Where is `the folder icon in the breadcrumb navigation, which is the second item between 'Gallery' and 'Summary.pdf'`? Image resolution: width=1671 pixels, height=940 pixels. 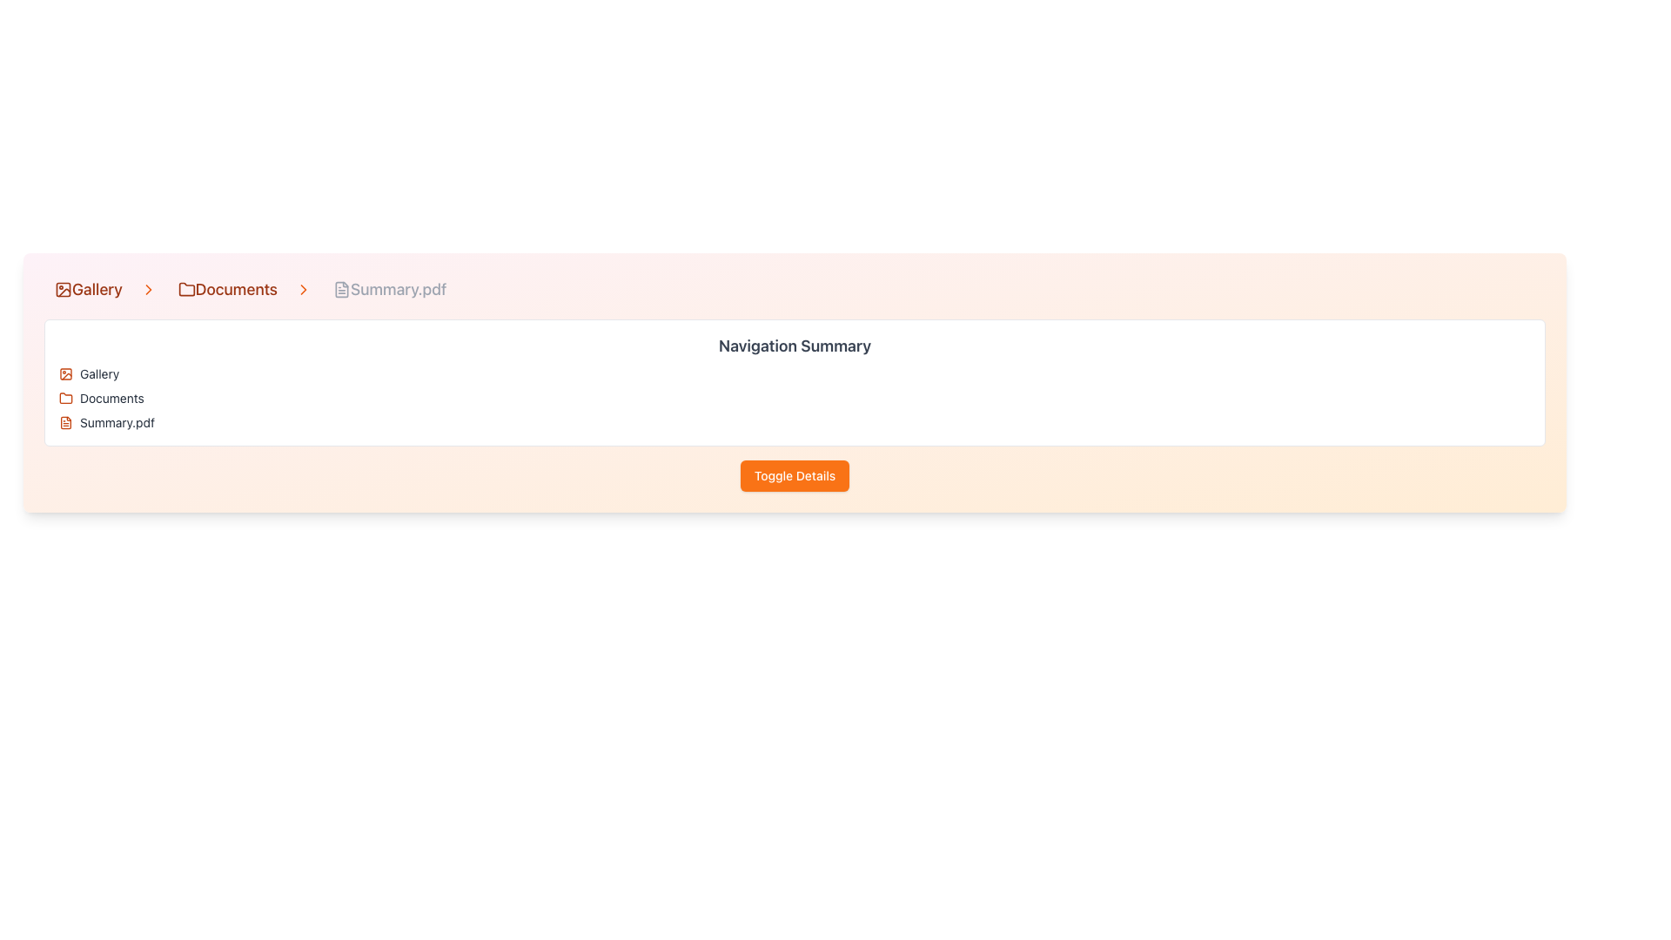 the folder icon in the breadcrumb navigation, which is the second item between 'Gallery' and 'Summary.pdf' is located at coordinates (186, 288).